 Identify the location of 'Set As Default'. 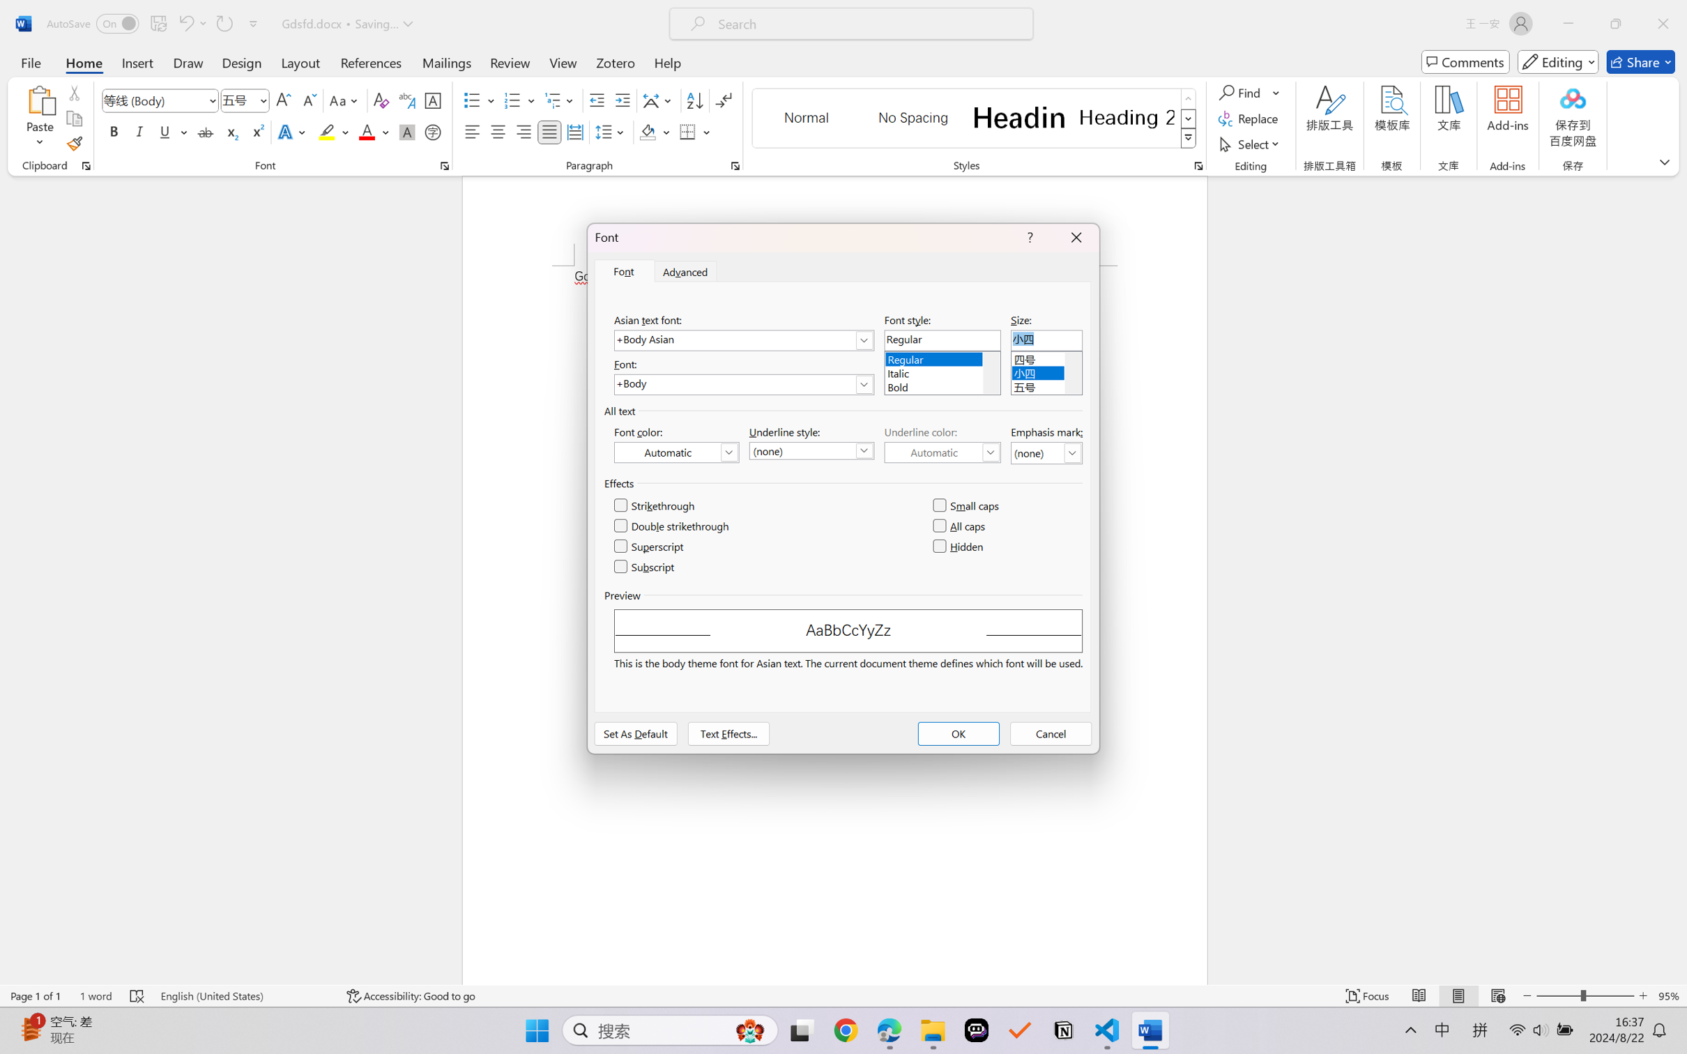
(636, 733).